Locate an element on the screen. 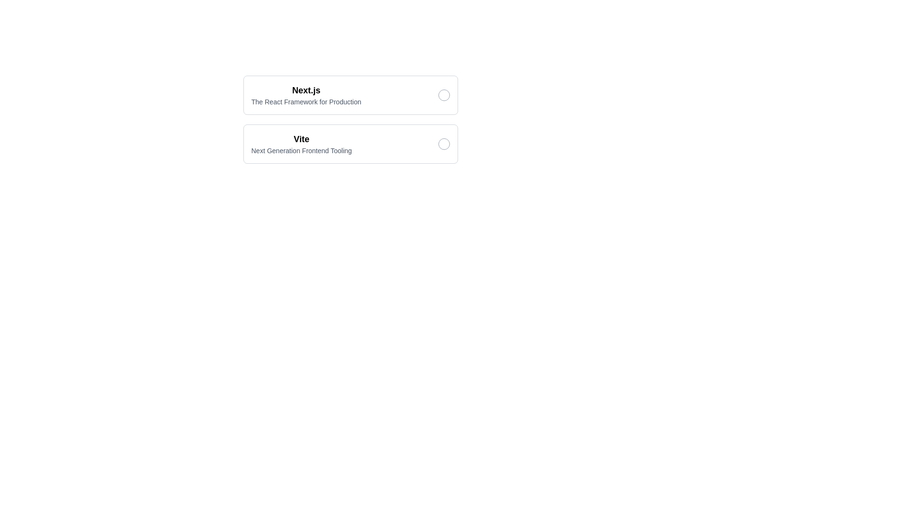 The height and width of the screenshot is (517, 920). the selectable list item representing the 'Vite' framework is located at coordinates (350, 119).